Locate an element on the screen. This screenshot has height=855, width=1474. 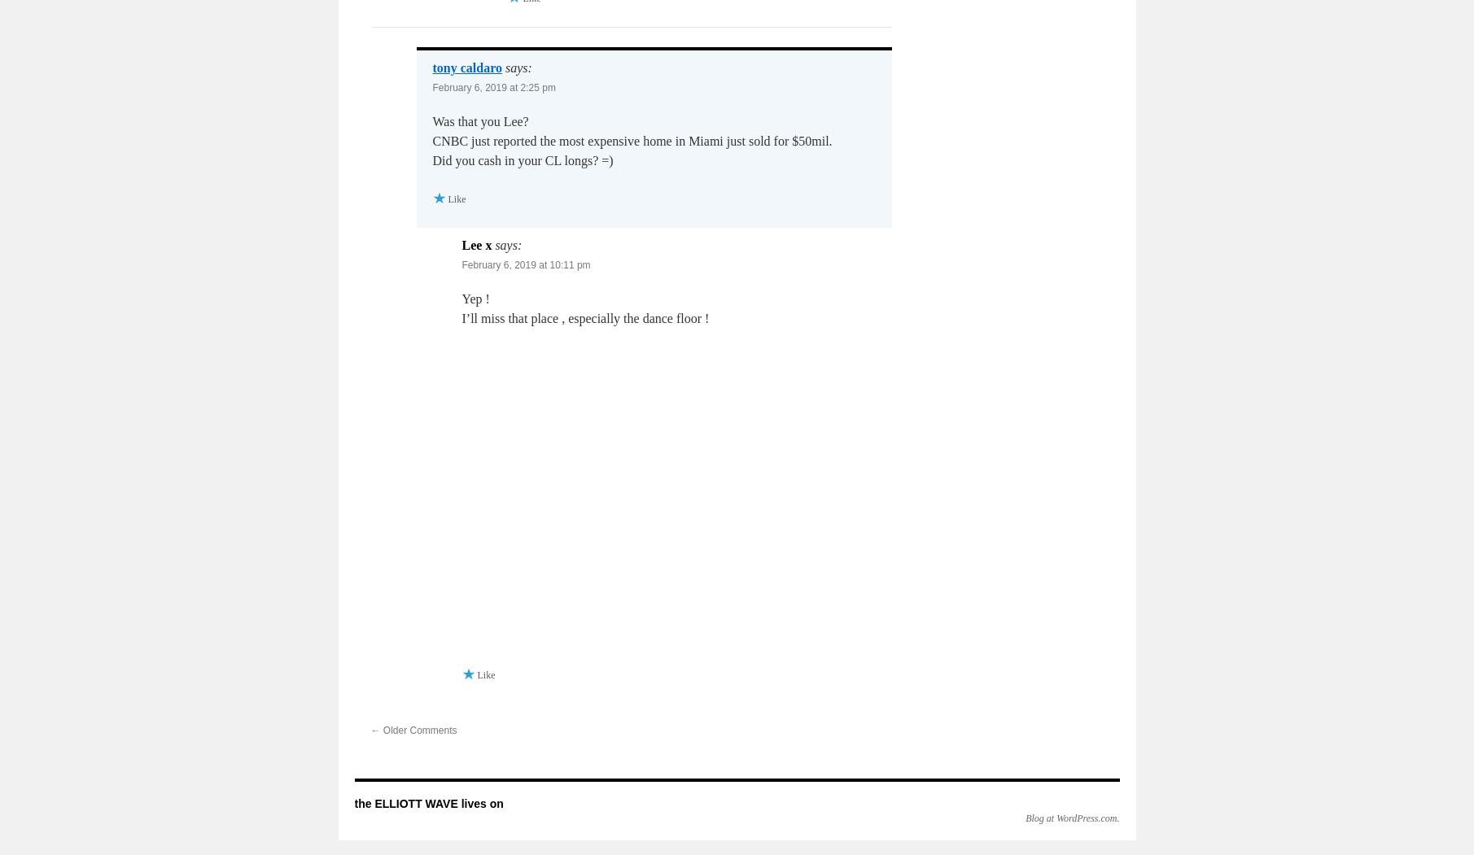
'Blog at WordPress.com.' is located at coordinates (1071, 817).